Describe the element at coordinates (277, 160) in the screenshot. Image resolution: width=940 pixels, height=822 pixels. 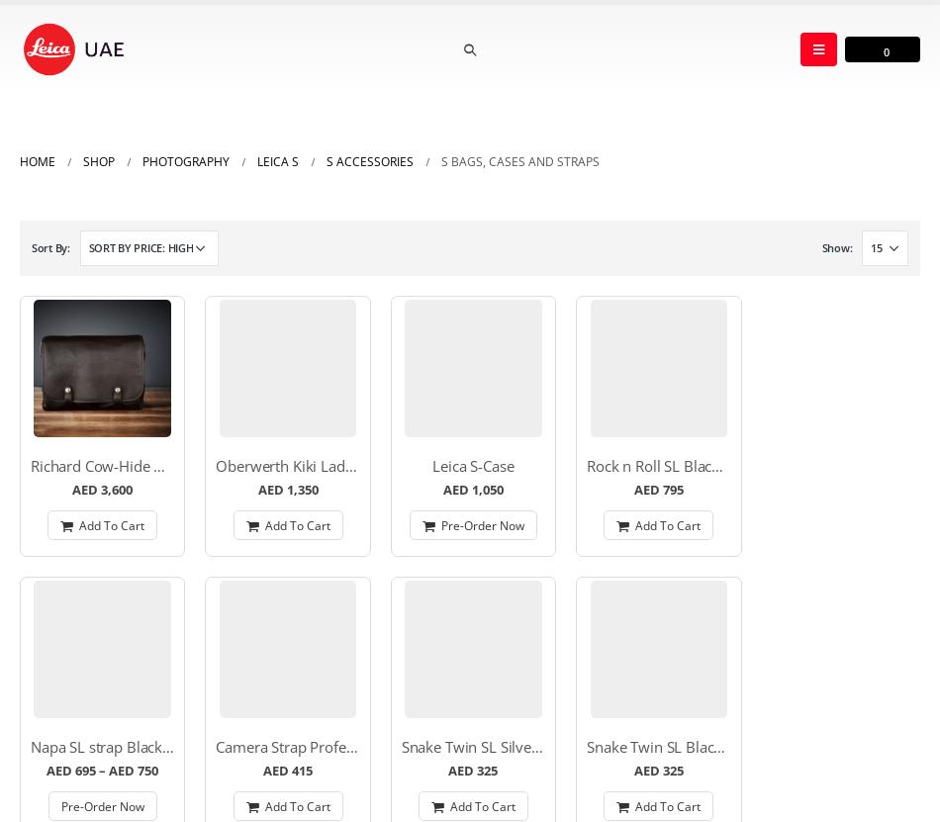
I see `'Leica S'` at that location.